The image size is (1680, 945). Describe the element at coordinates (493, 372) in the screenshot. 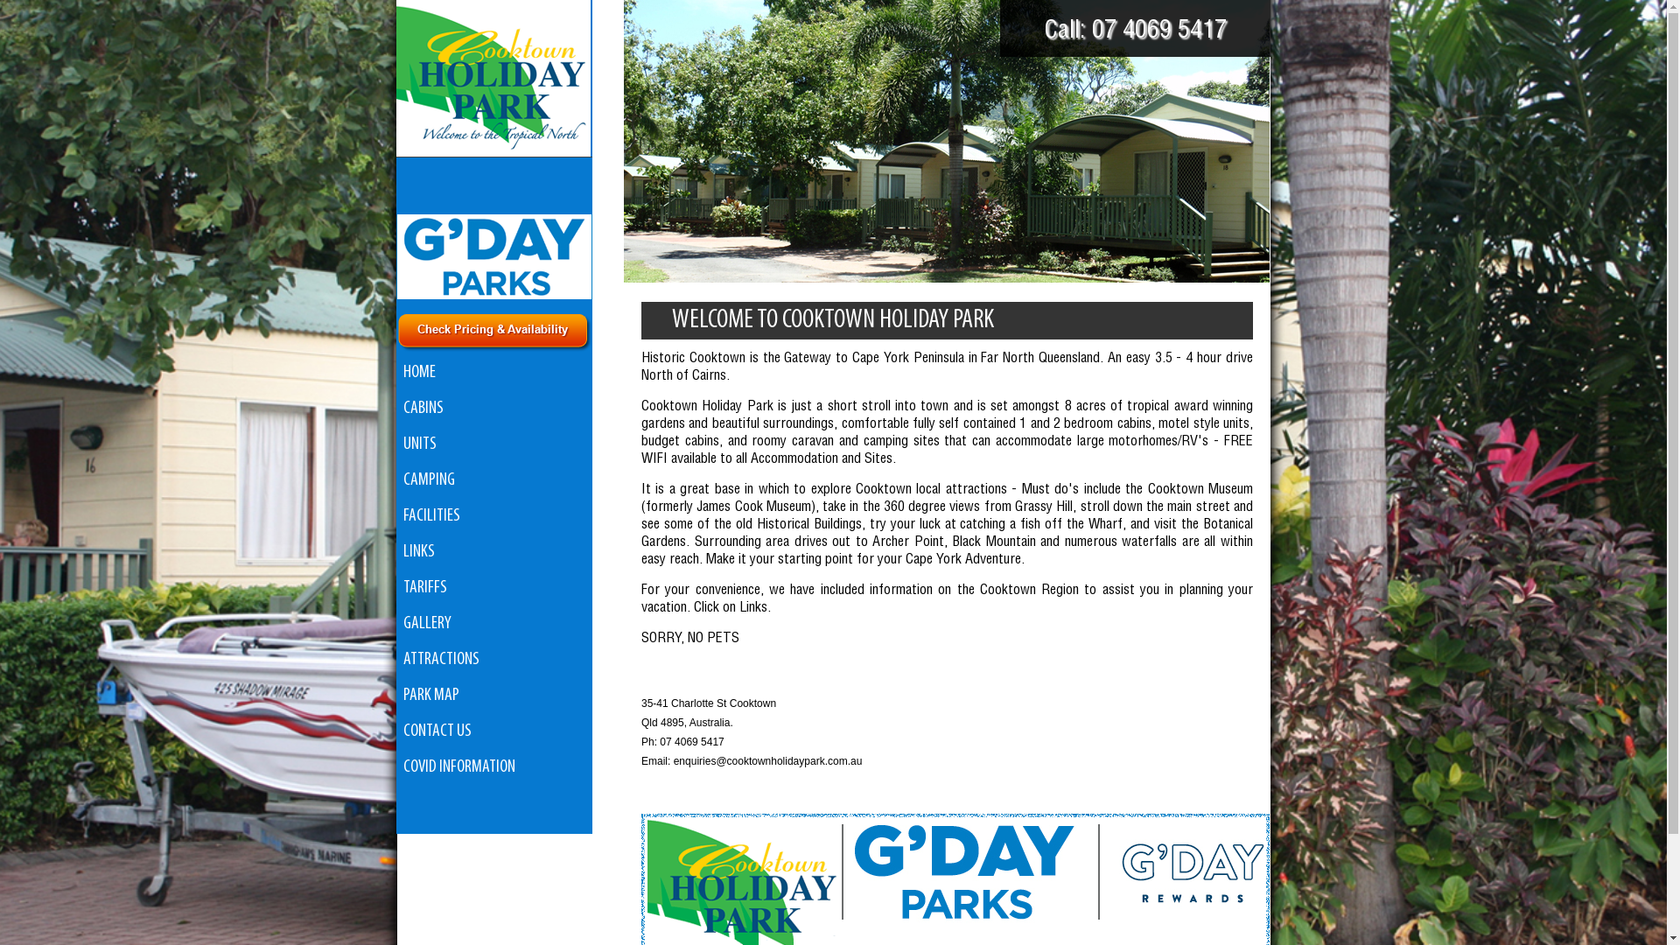

I see `'HOME'` at that location.